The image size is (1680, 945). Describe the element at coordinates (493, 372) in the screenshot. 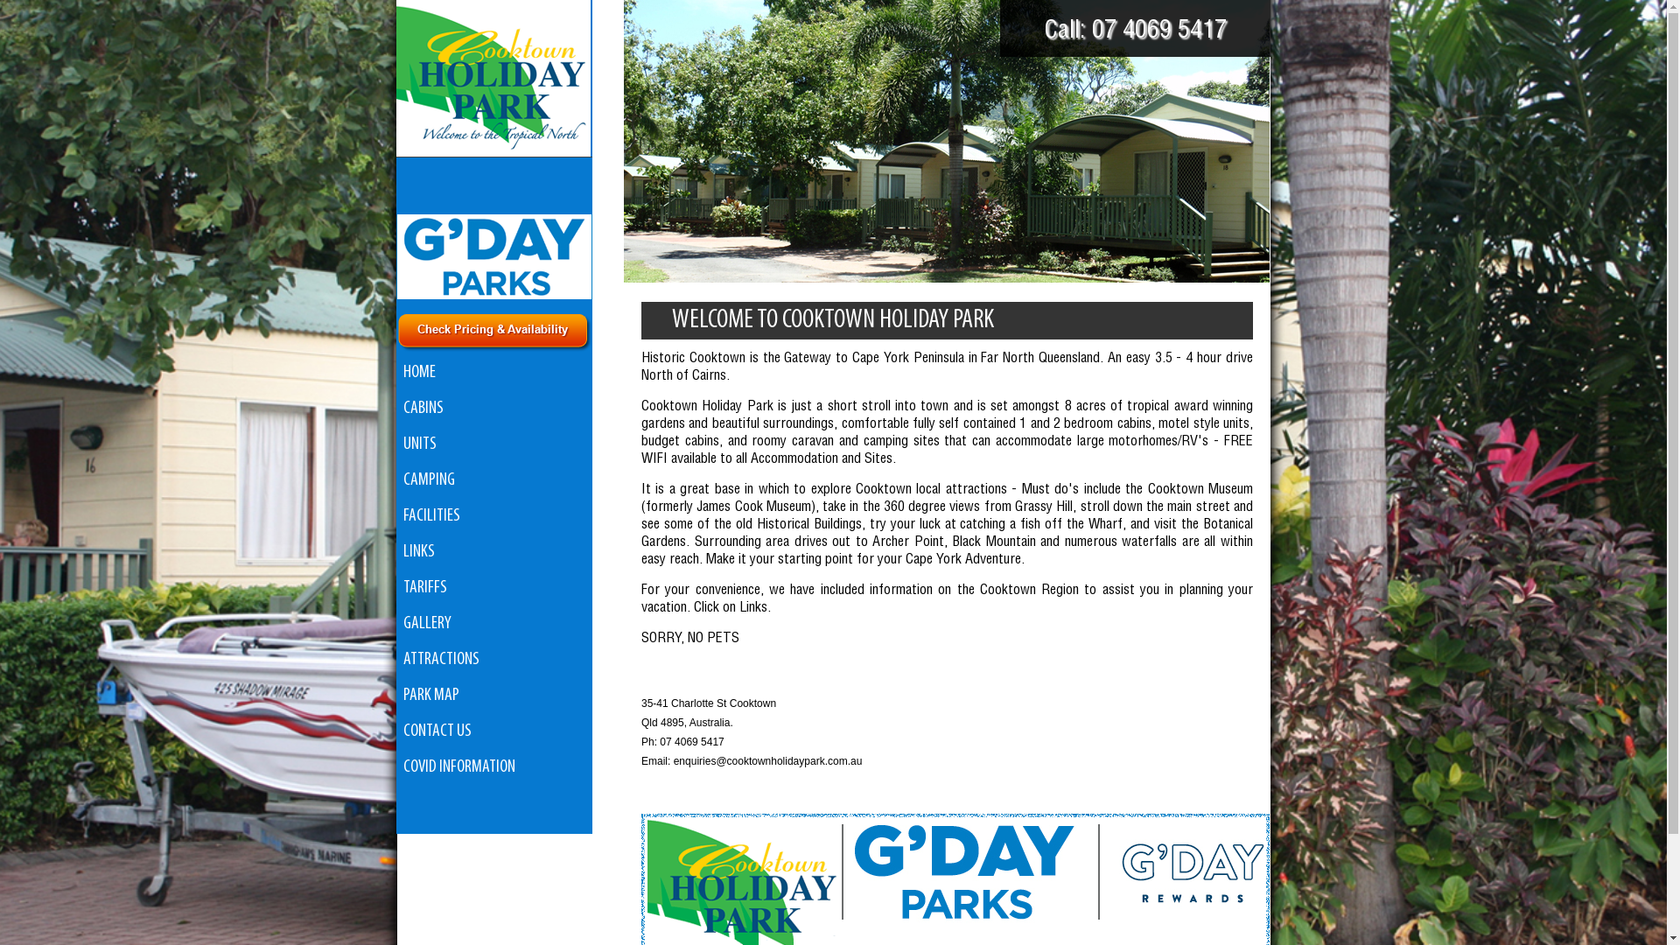

I see `'HOME'` at that location.